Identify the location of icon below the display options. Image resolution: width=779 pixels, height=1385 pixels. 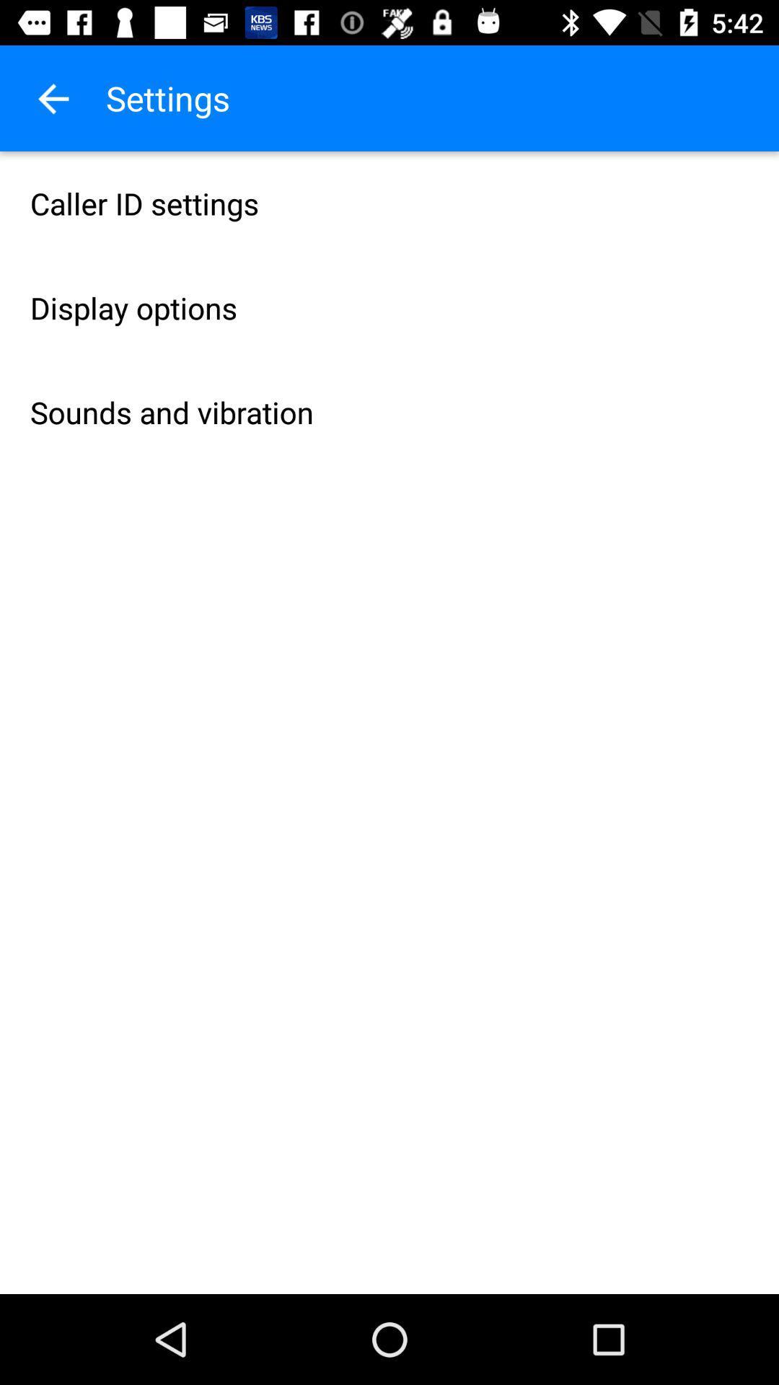
(389, 411).